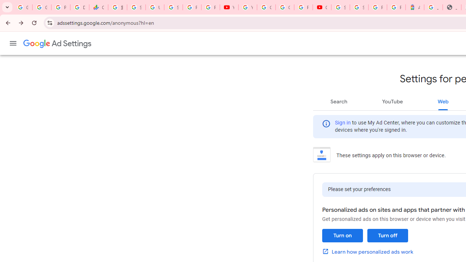  I want to click on 'Atour Hotel - Google hotels', so click(415, 7).